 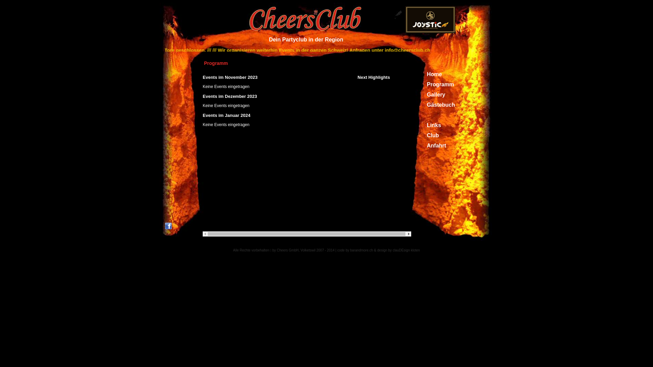 I want to click on 'Gallery', so click(x=436, y=94).